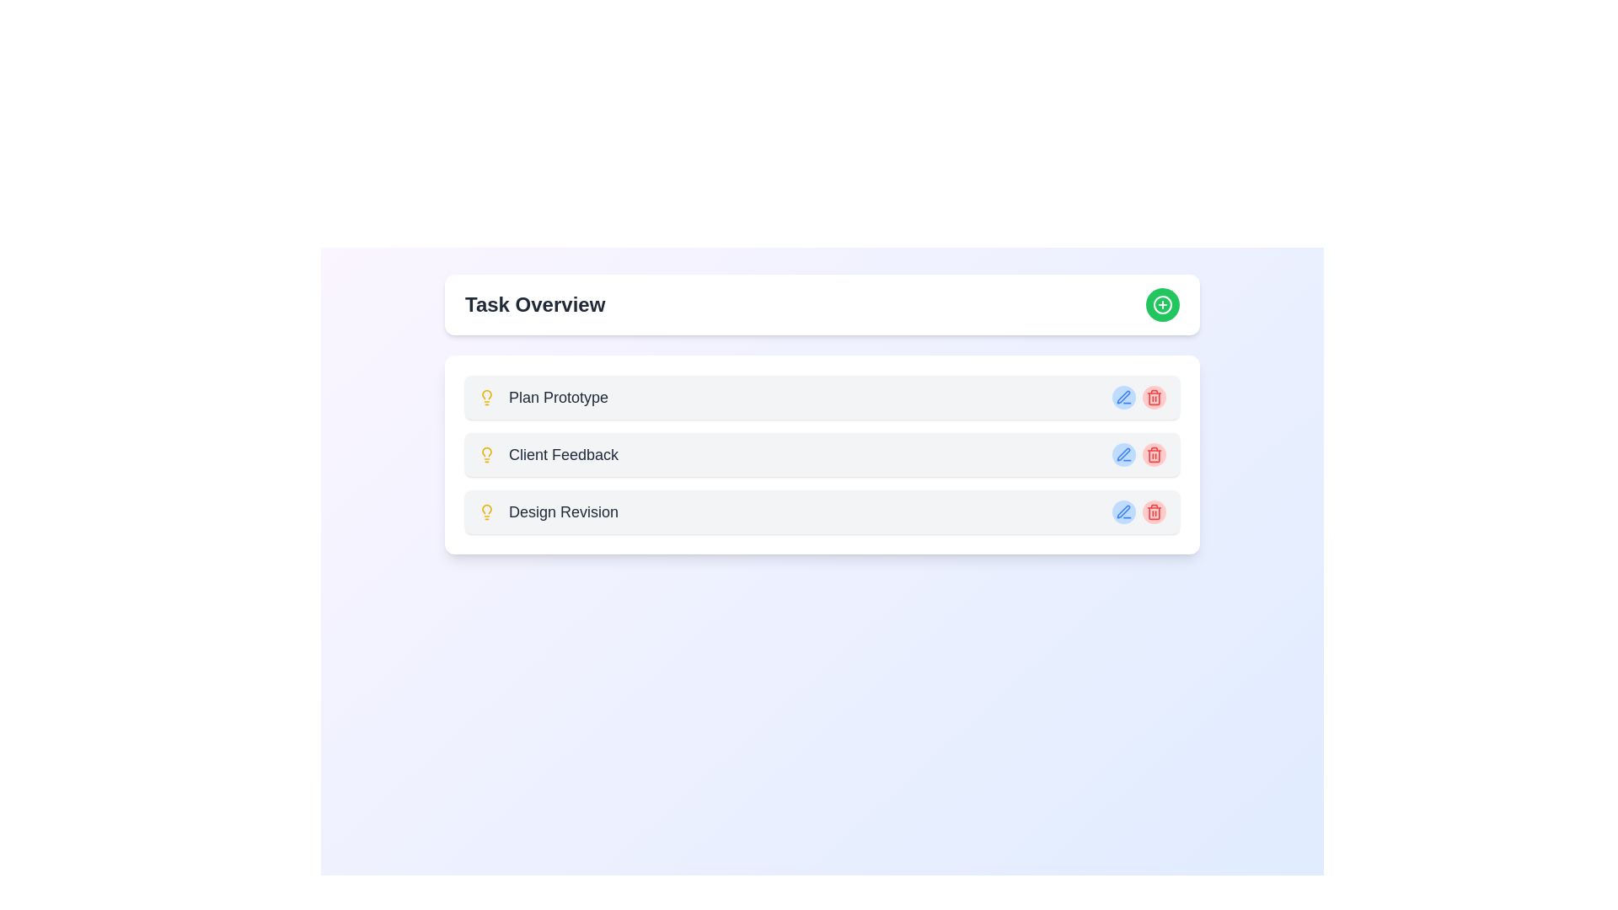 This screenshot has width=1618, height=910. What do you see at coordinates (564, 455) in the screenshot?
I see `the 'Client Feedback' text label, which is bold and dark gray, aligned` at bounding box center [564, 455].